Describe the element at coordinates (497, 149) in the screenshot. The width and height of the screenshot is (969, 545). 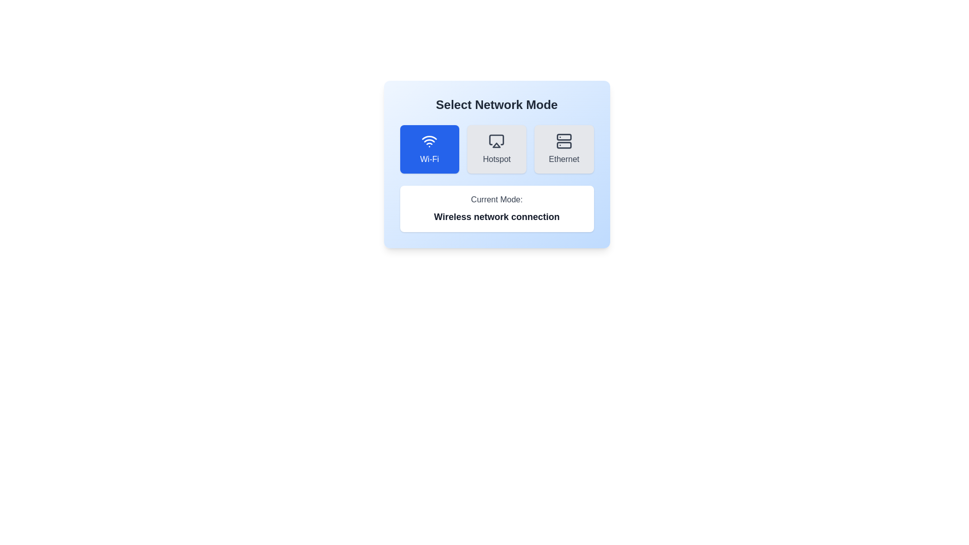
I see `the network mode by clicking on the corresponding button for Hotspot` at that location.